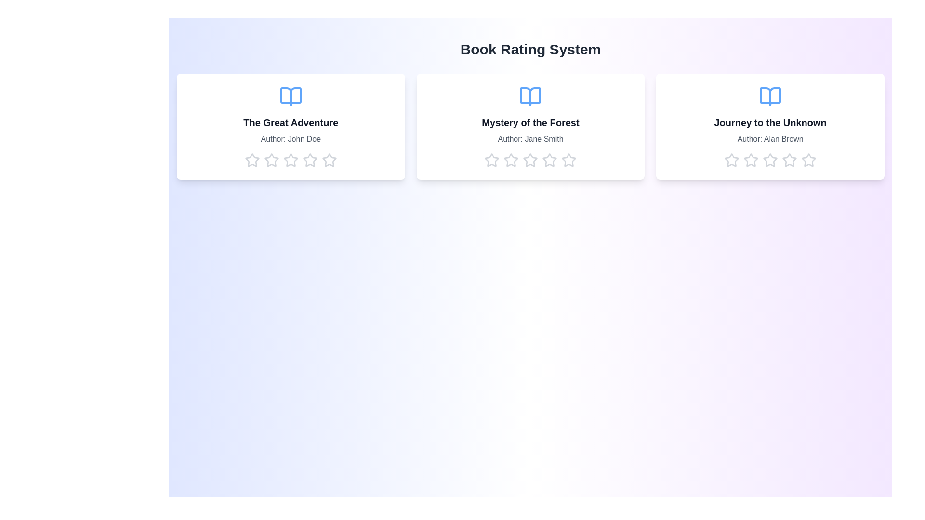  Describe the element at coordinates (310, 159) in the screenshot. I see `the star corresponding to 4 stars to preview the rating` at that location.